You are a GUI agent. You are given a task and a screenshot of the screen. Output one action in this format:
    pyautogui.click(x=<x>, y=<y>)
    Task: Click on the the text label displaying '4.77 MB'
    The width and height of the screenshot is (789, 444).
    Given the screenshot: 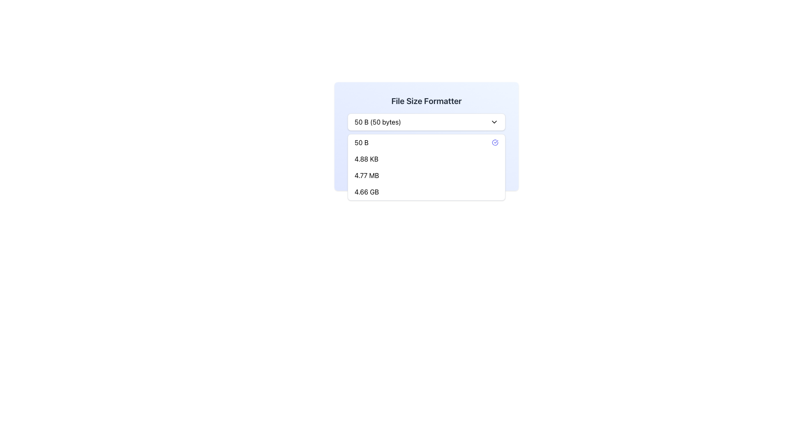 What is the action you would take?
    pyautogui.click(x=366, y=175)
    